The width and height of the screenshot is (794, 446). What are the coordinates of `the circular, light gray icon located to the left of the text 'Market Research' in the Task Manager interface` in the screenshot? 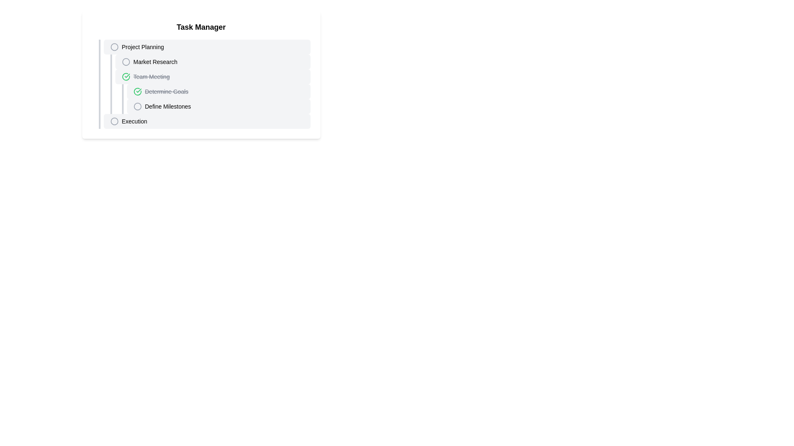 It's located at (125, 62).